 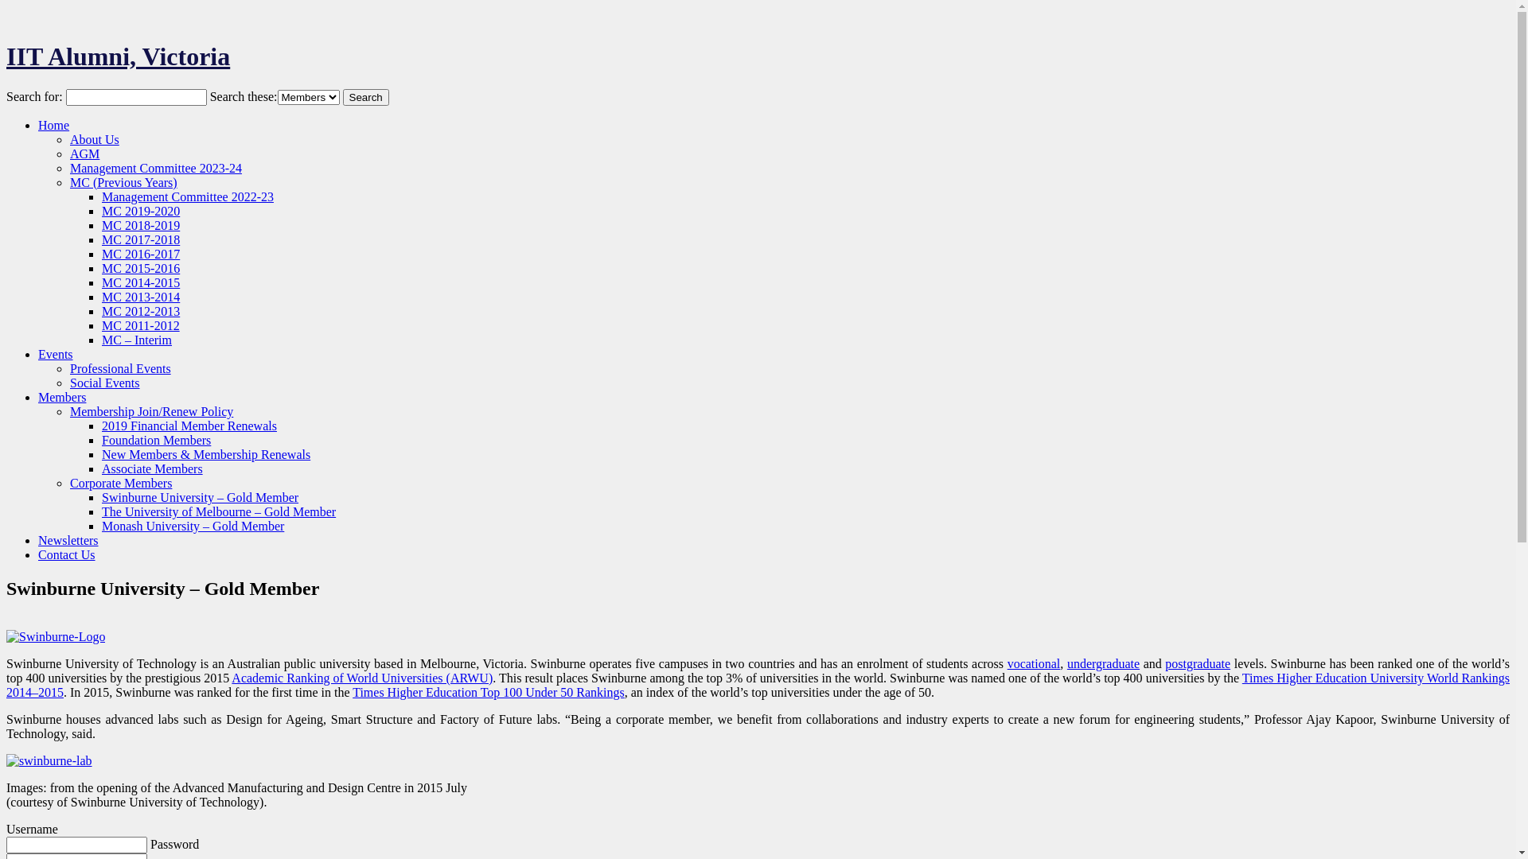 What do you see at coordinates (141, 297) in the screenshot?
I see `'MC 2013-2014'` at bounding box center [141, 297].